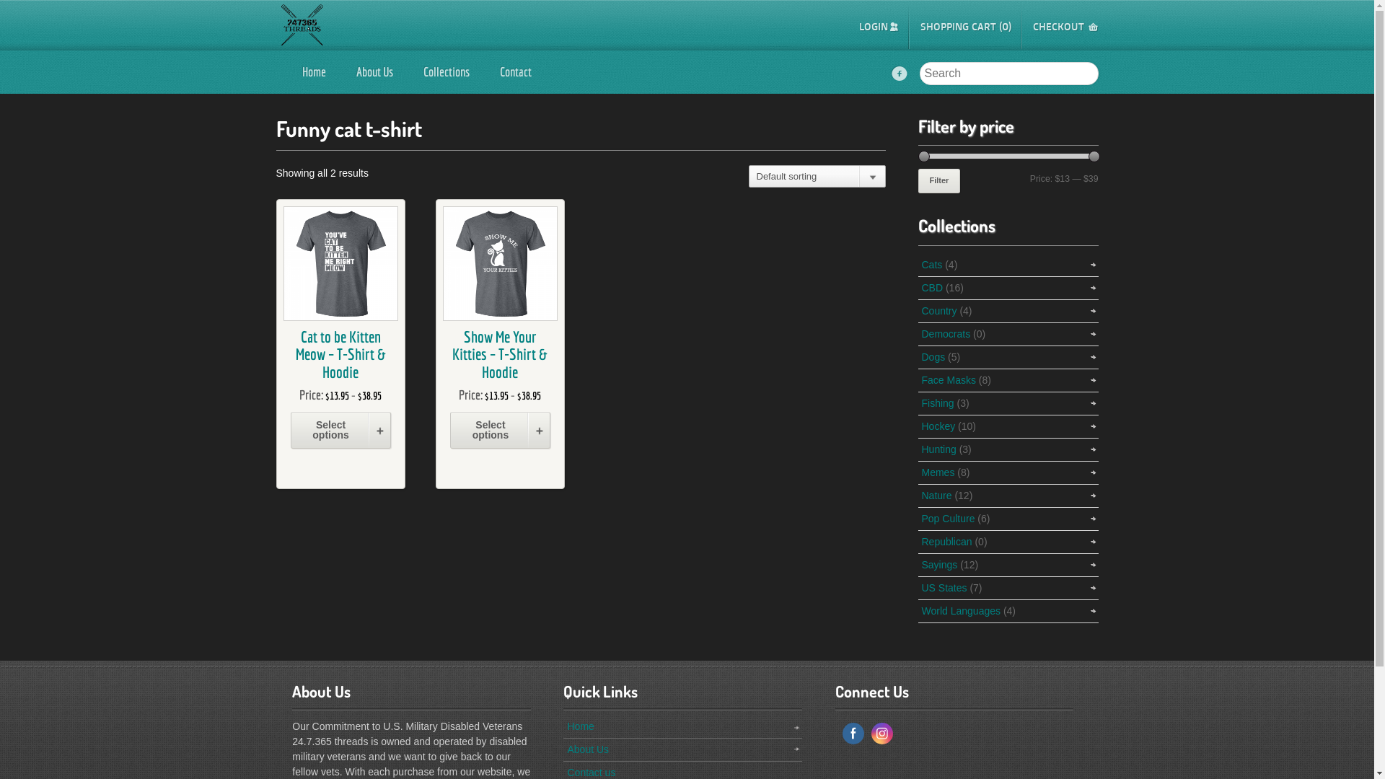 The width and height of the screenshot is (1385, 779). What do you see at coordinates (313, 72) in the screenshot?
I see `'Home'` at bounding box center [313, 72].